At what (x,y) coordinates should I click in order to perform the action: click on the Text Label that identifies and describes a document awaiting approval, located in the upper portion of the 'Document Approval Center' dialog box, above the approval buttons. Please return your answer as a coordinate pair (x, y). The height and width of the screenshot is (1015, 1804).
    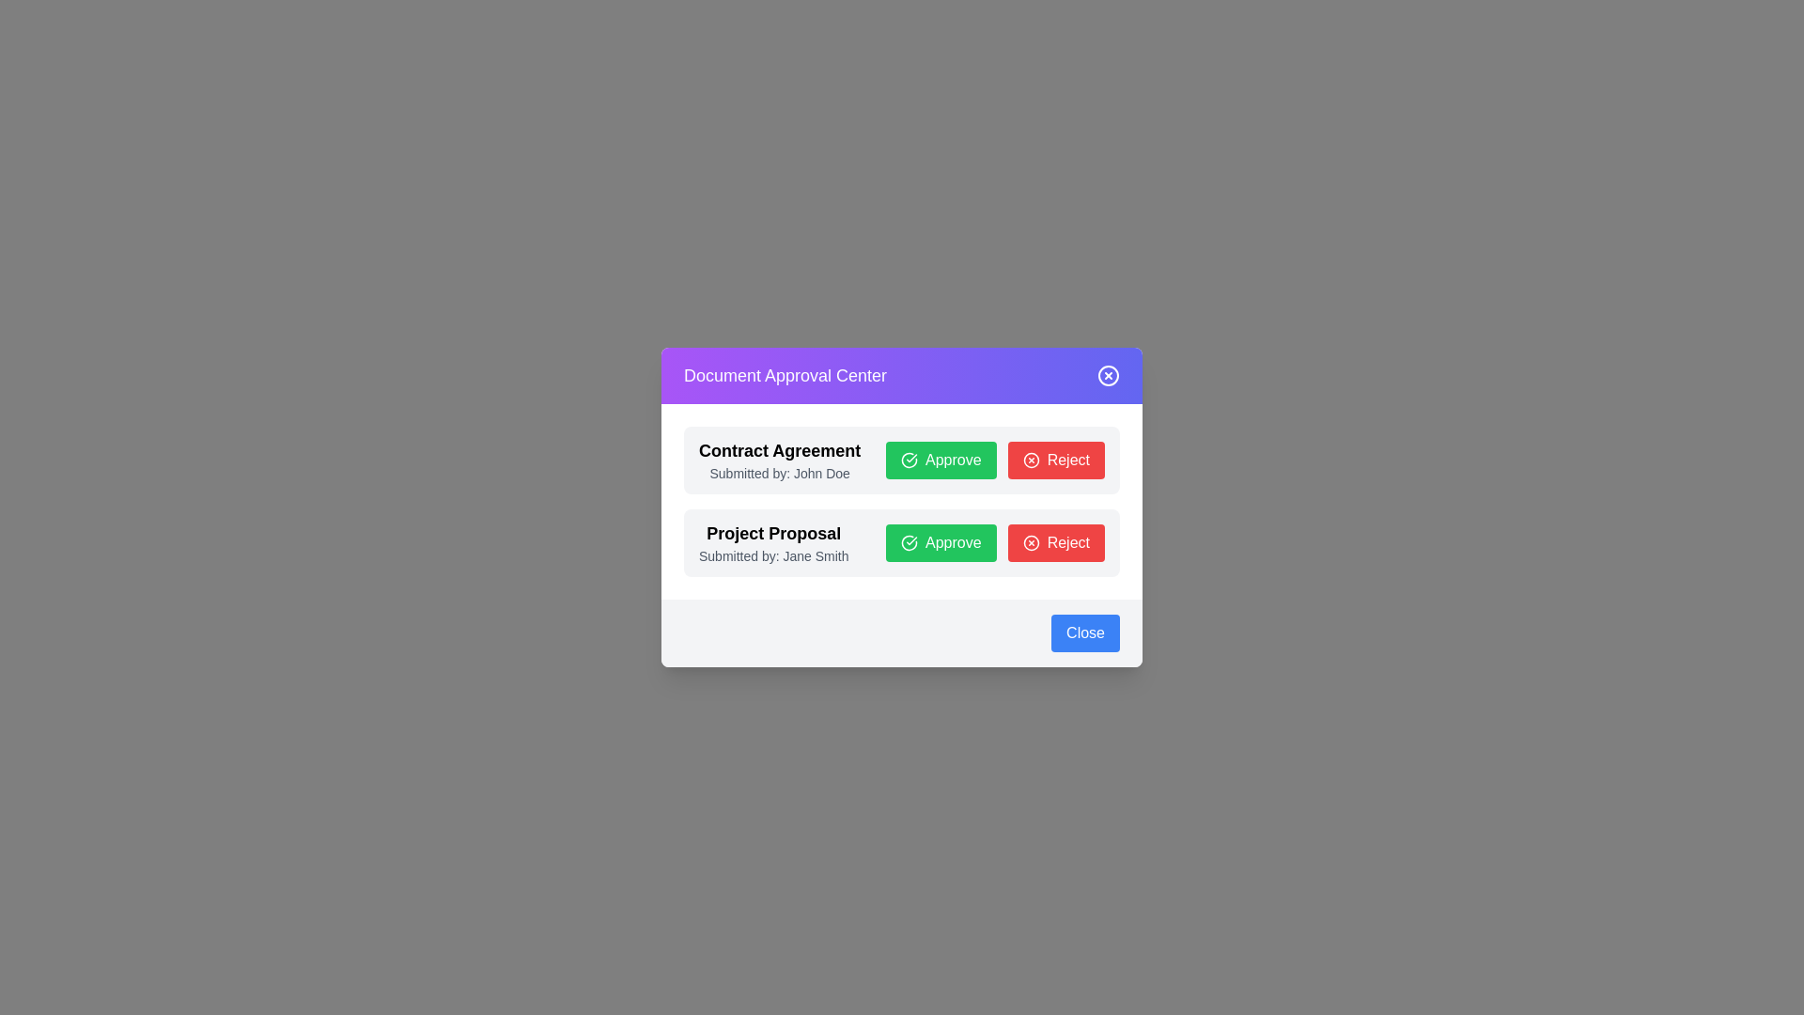
    Looking at the image, I should click on (780, 460).